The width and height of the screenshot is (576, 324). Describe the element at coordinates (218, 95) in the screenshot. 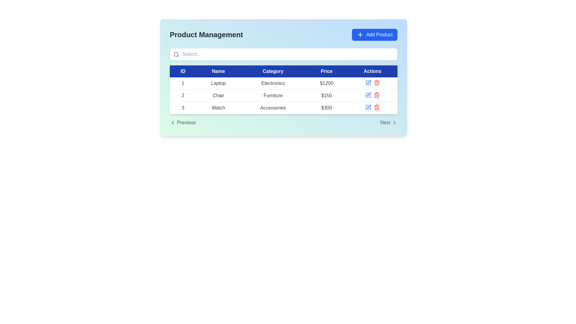

I see `the Text label displaying 'Chair' in the second row of the table under the 'Name' column, which is located between the ID ('2') and the category ('Furniture')` at that location.